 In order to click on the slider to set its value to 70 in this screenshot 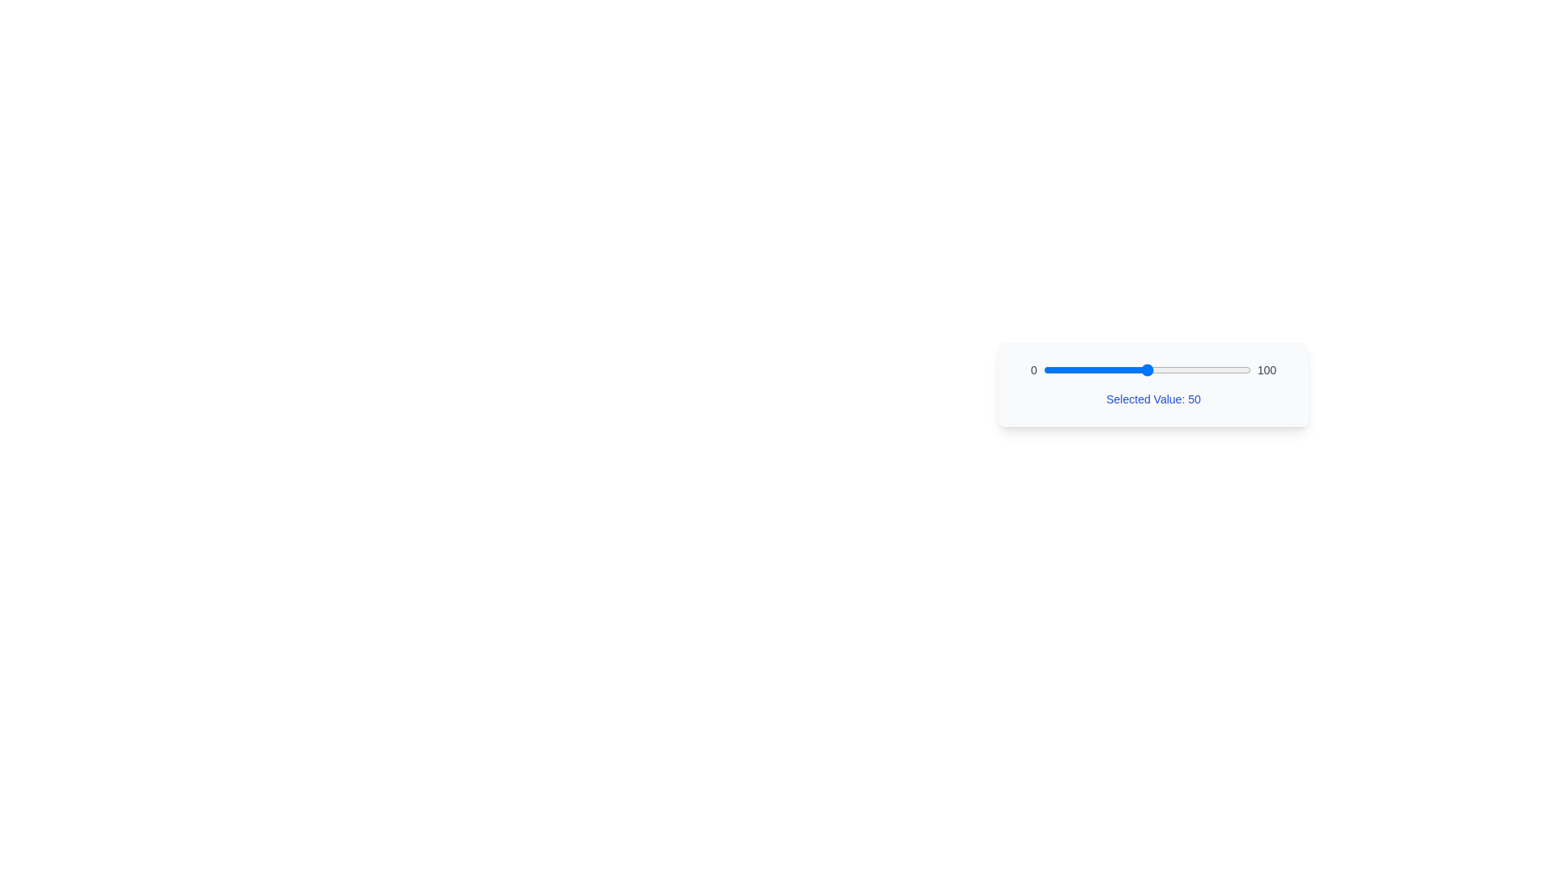, I will do `click(1188, 369)`.